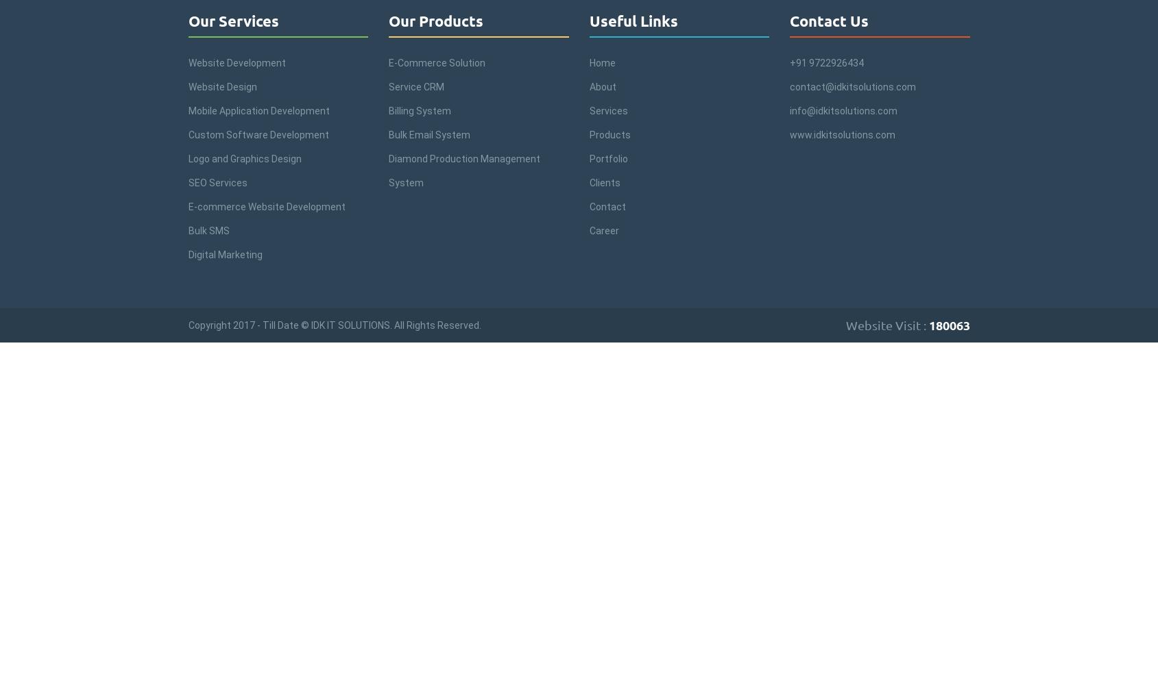 Image resolution: width=1158 pixels, height=685 pixels. What do you see at coordinates (828, 21) in the screenshot?
I see `'Contact Us'` at bounding box center [828, 21].